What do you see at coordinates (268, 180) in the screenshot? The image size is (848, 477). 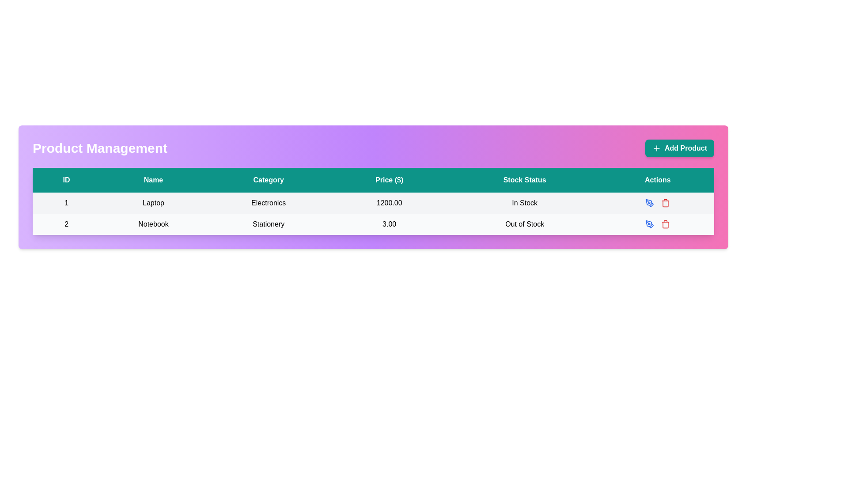 I see `text label of the Table Header Cell representing the 'Category' column, which is the third header in the row of six, located centrally between the 'Name' and 'Price ($)' columns` at bounding box center [268, 180].